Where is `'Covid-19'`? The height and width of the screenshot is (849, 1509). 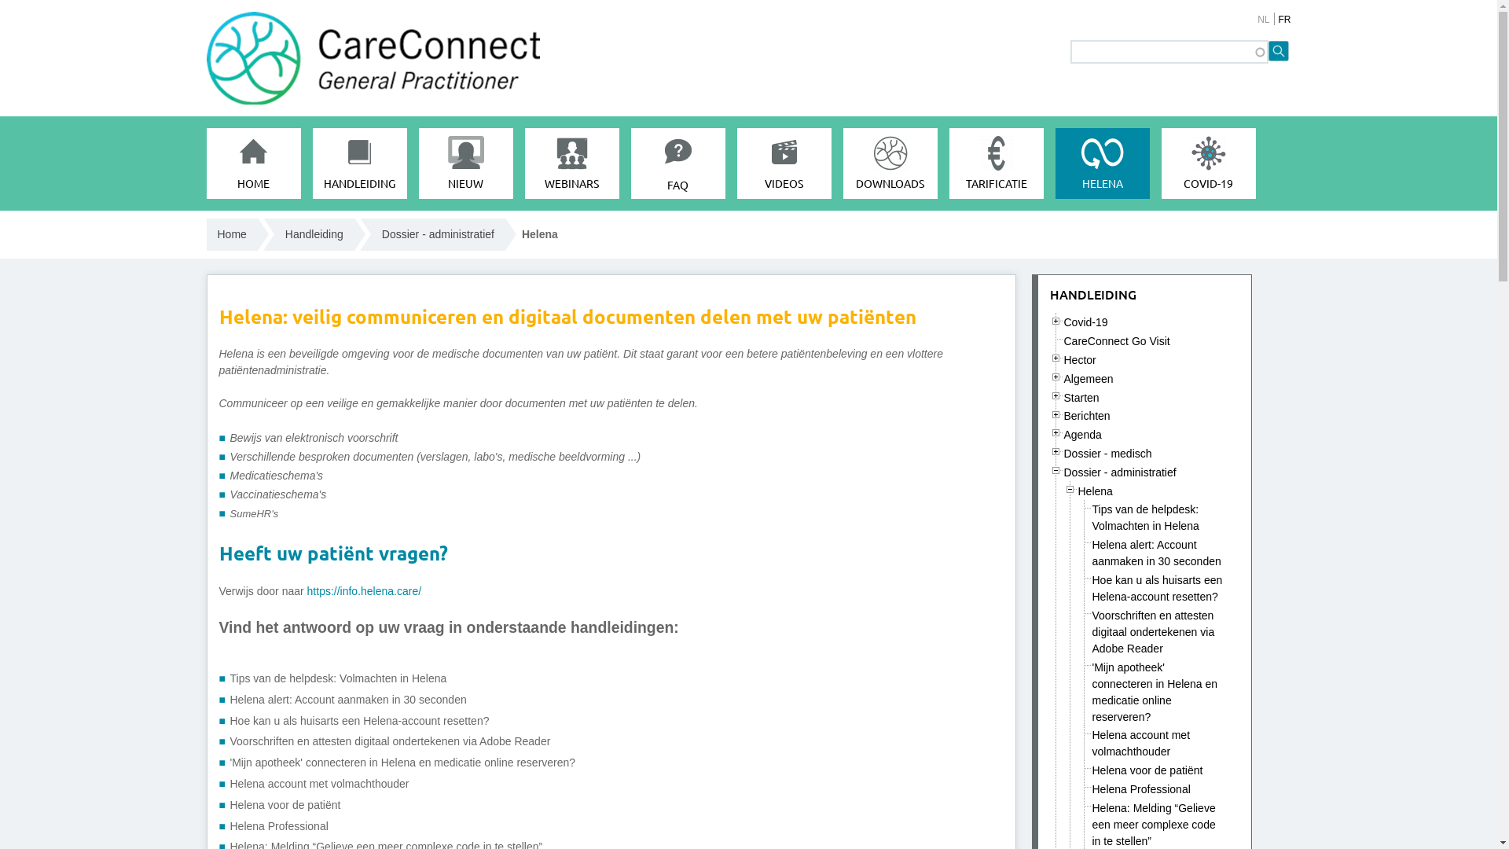
'Covid-19' is located at coordinates (1085, 321).